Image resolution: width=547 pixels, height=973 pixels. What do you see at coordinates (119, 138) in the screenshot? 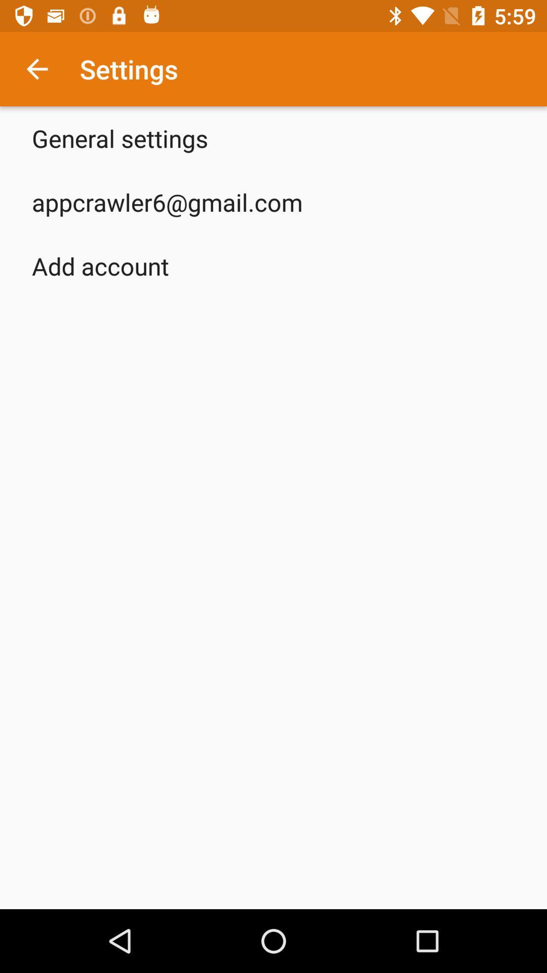
I see `the app above the appcrawler6@gmail.com item` at bounding box center [119, 138].